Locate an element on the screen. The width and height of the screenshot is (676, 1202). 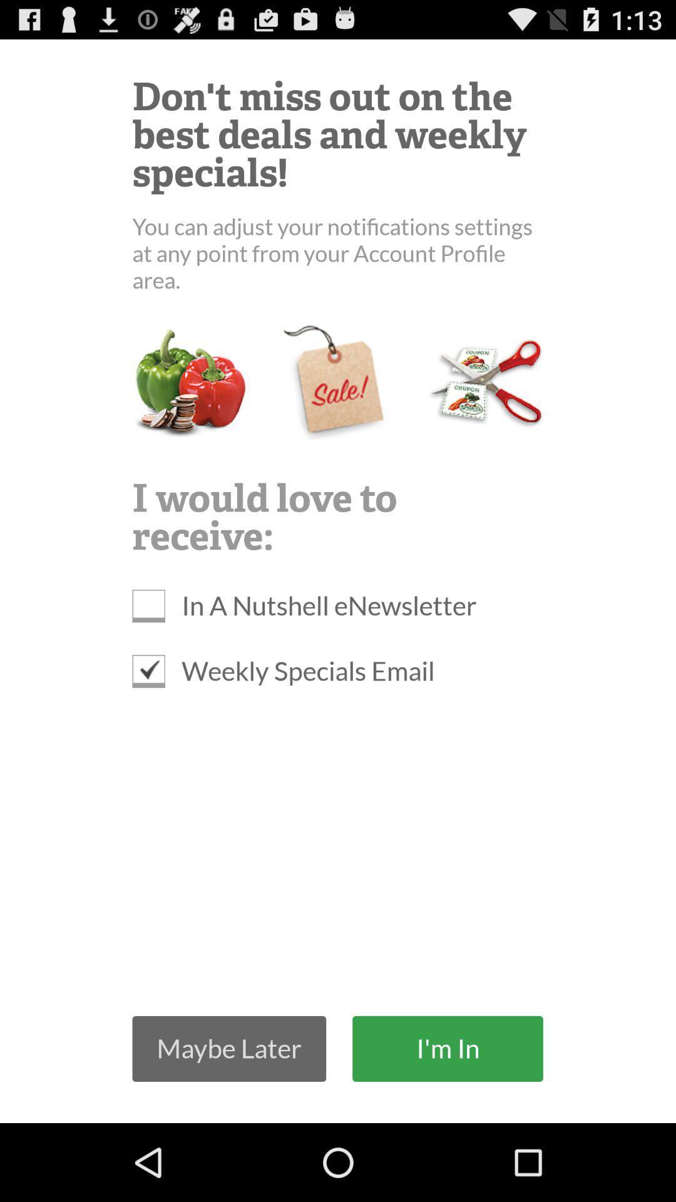
the button to the left of i'm in item is located at coordinates (229, 1049).